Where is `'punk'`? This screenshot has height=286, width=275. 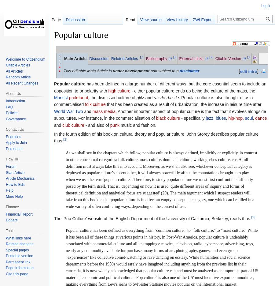 'punk' is located at coordinates (115, 124).